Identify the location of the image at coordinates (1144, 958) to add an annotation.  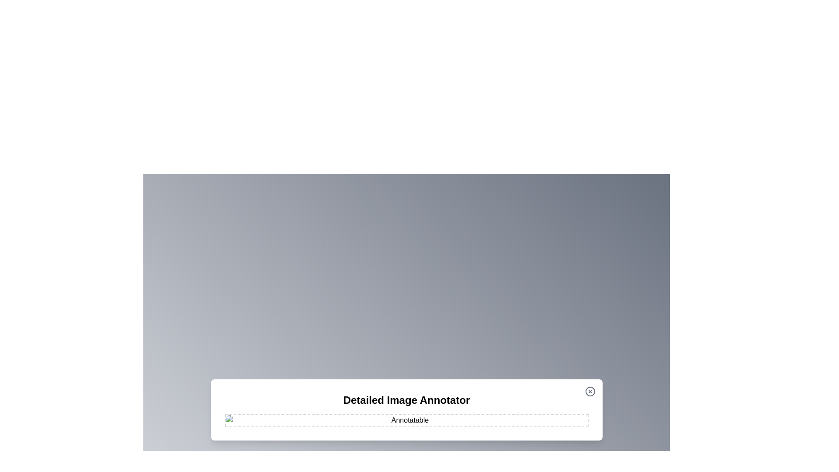
(499, 418).